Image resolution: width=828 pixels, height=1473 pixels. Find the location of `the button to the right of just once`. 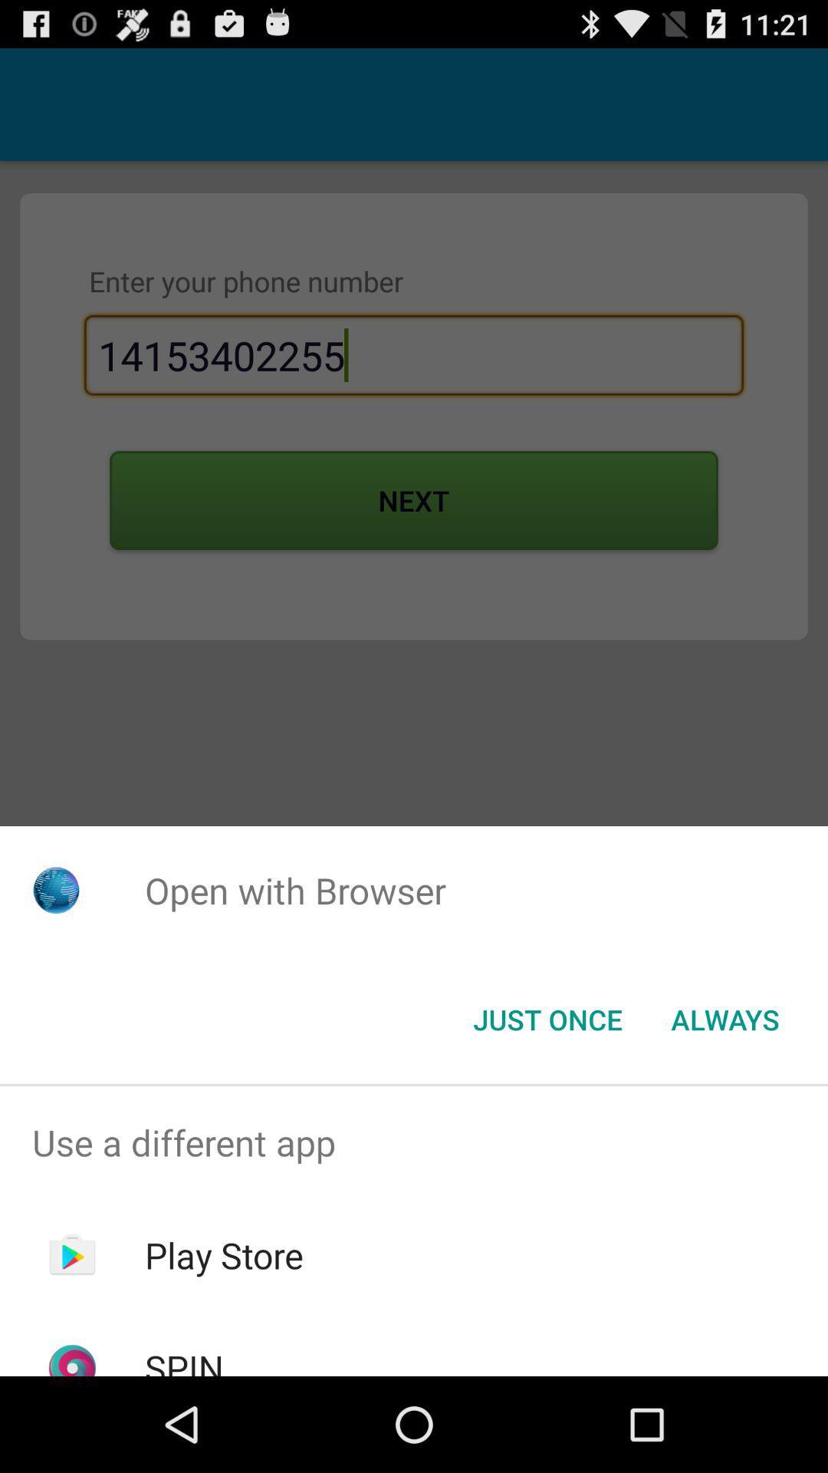

the button to the right of just once is located at coordinates (724, 1020).